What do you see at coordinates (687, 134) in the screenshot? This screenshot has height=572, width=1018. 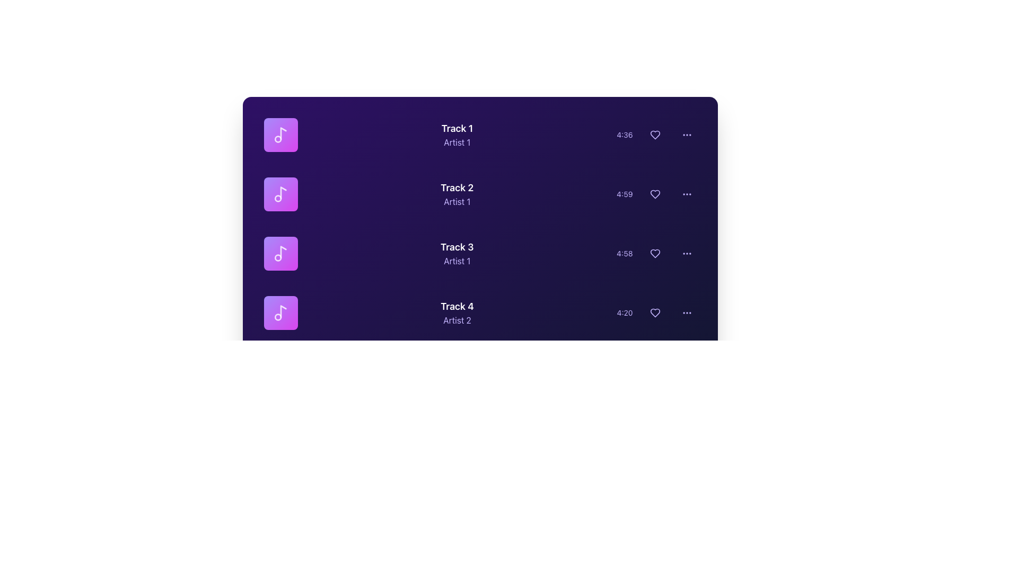 I see `the Button (Ellipsis icon) represented by three vertically aligned dots in light violet color, positioned in the rightmost column of a track's metadata row` at bounding box center [687, 134].